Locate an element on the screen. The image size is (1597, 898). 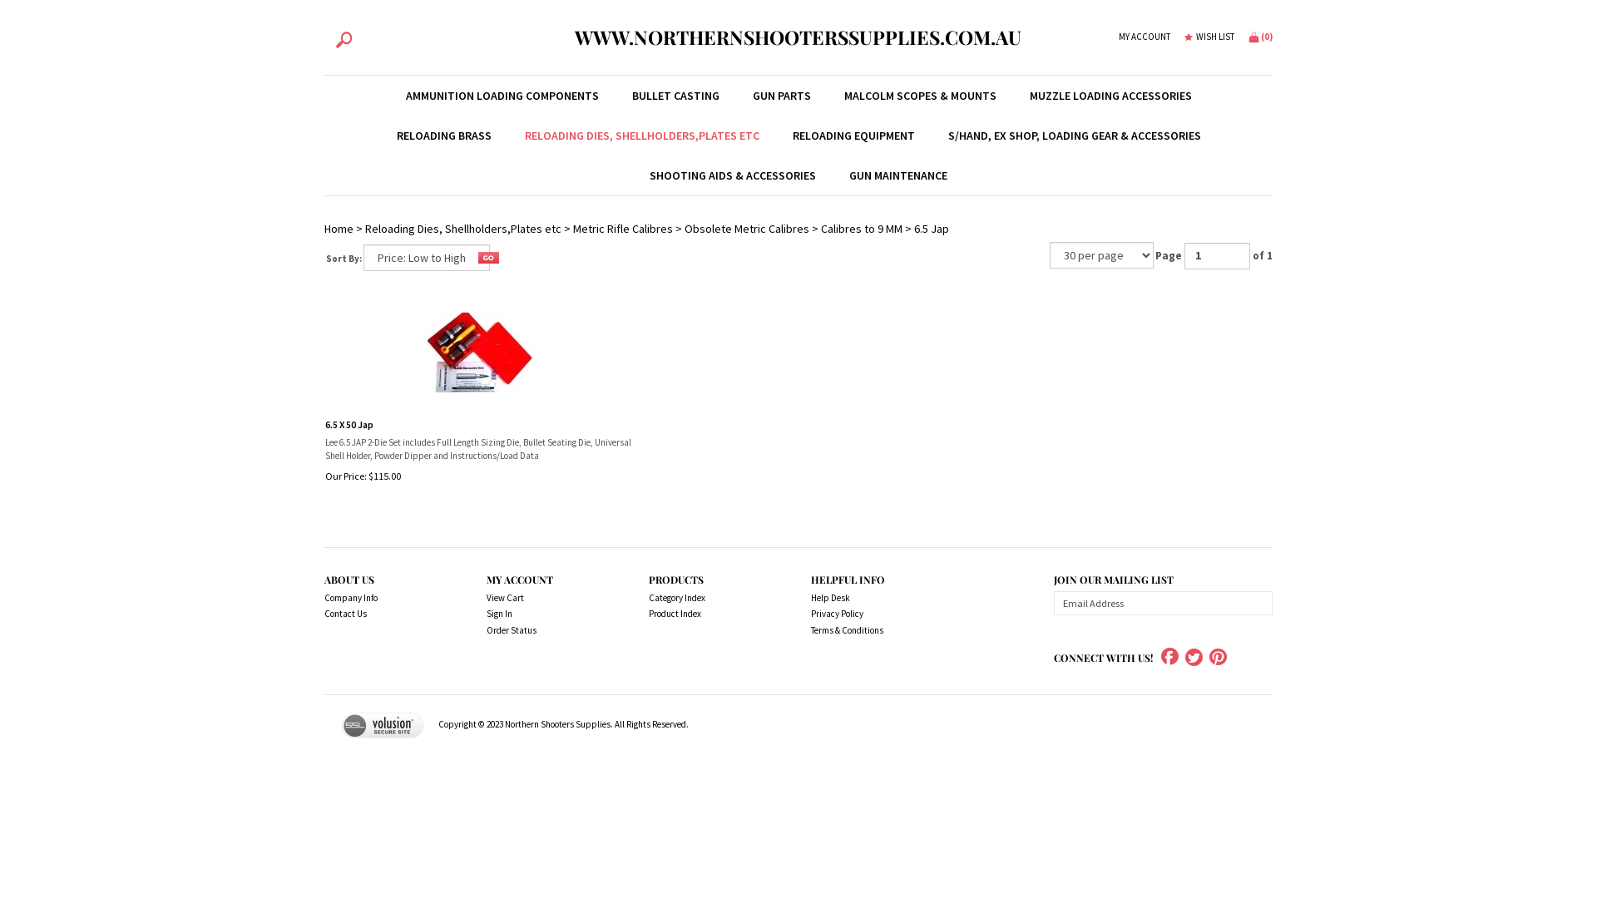
'Go to page' is located at coordinates (1217, 256).